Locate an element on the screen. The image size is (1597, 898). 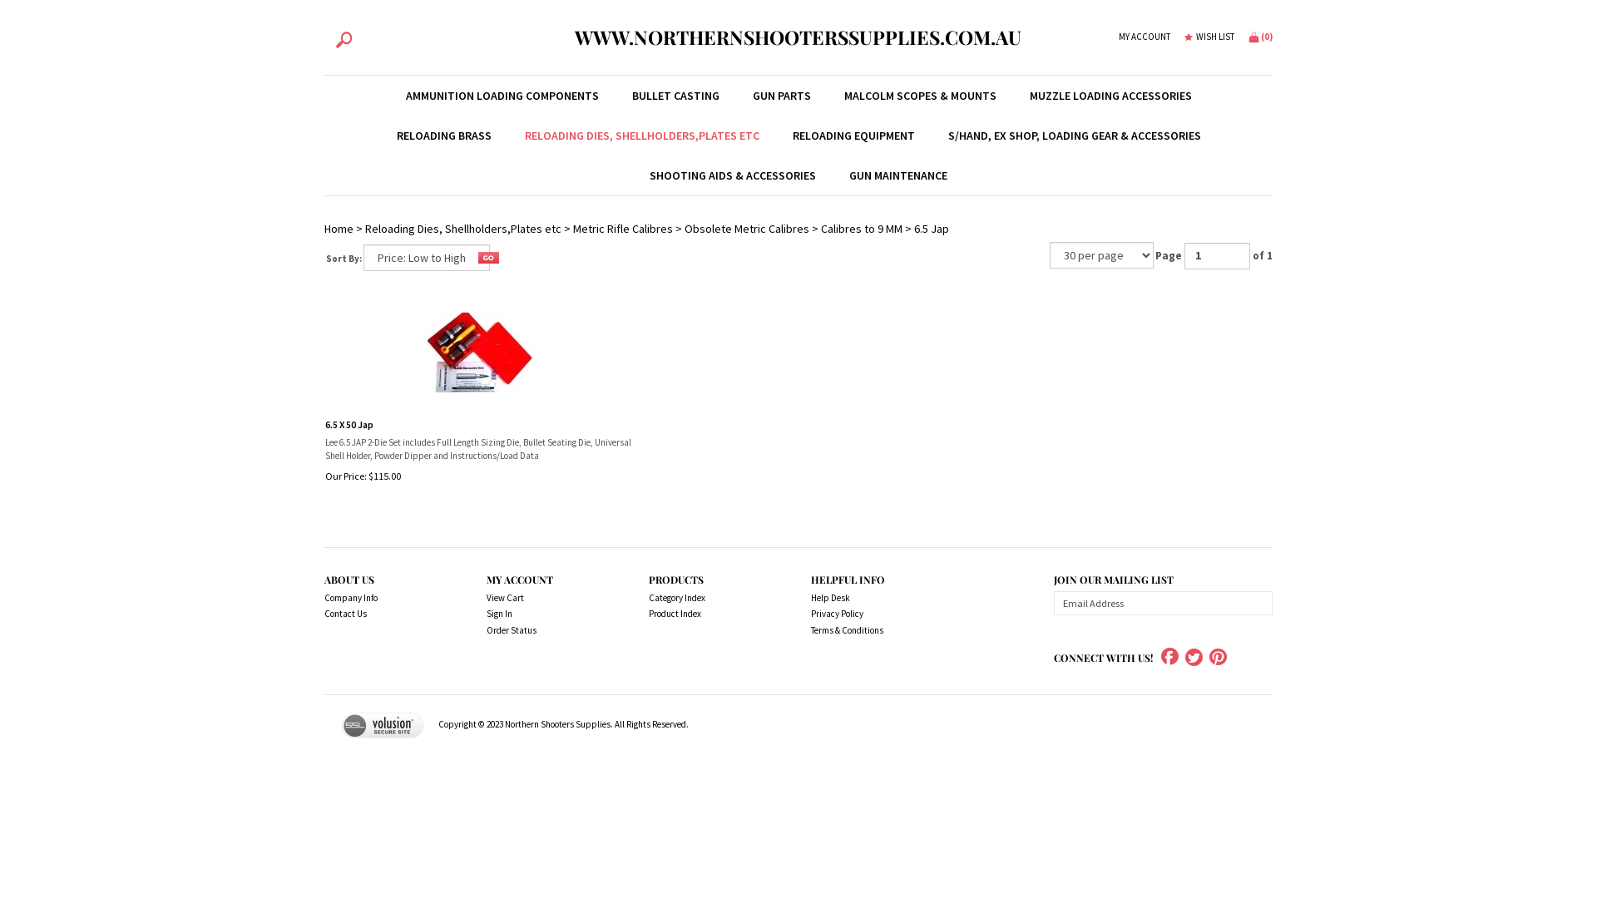
'Go to page' is located at coordinates (1217, 256).